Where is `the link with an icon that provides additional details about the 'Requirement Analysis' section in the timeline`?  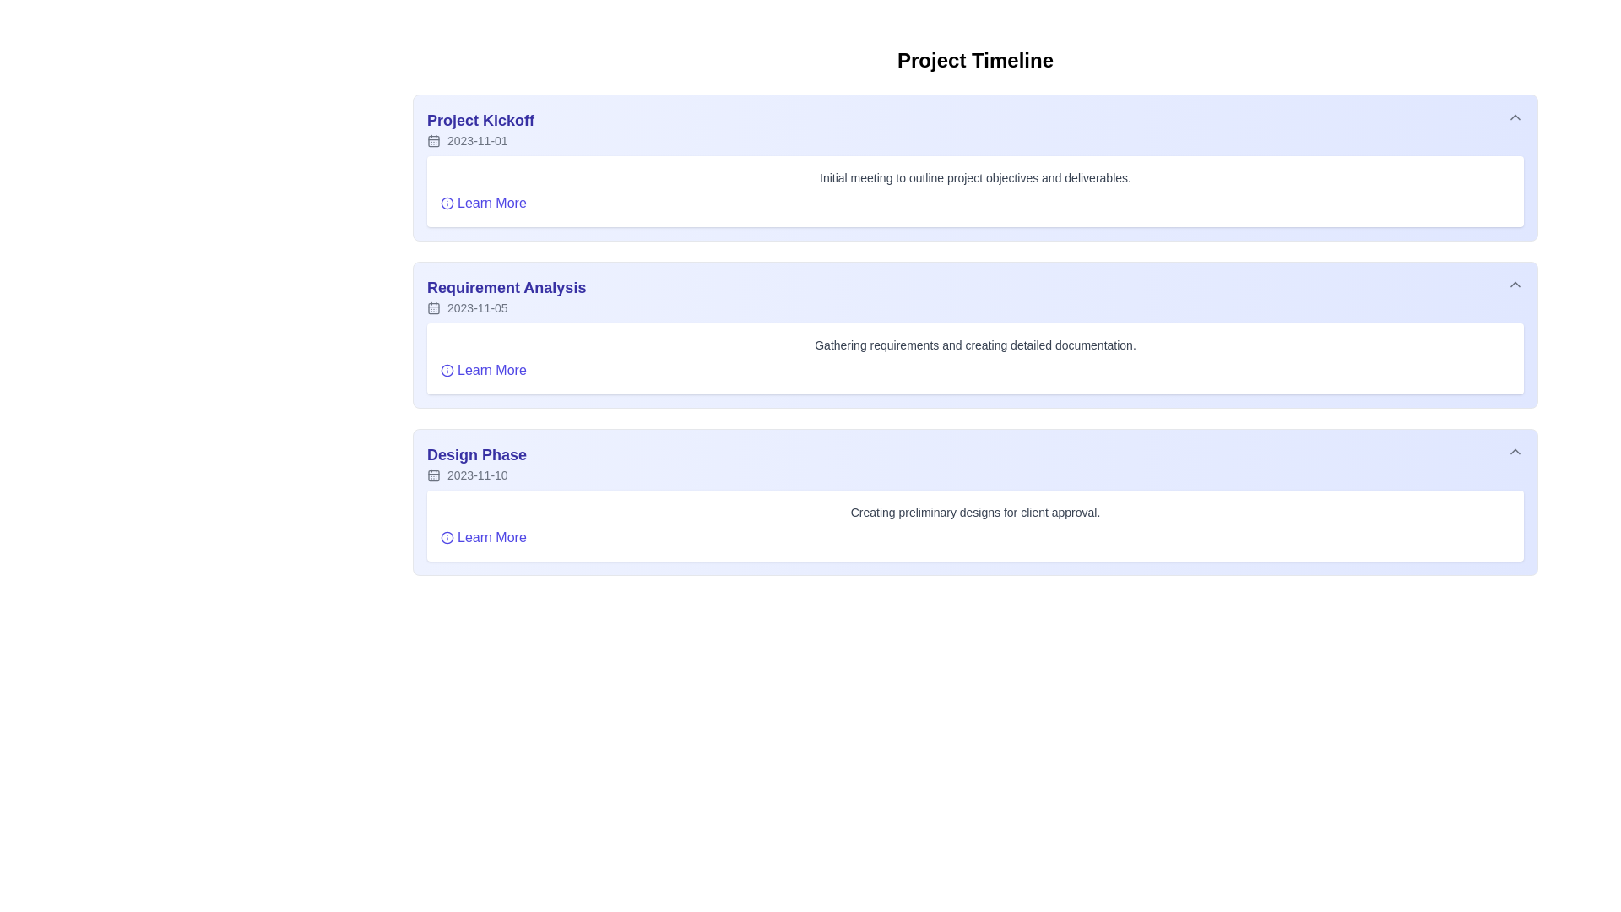
the link with an icon that provides additional details about the 'Requirement Analysis' section in the timeline is located at coordinates (482, 370).